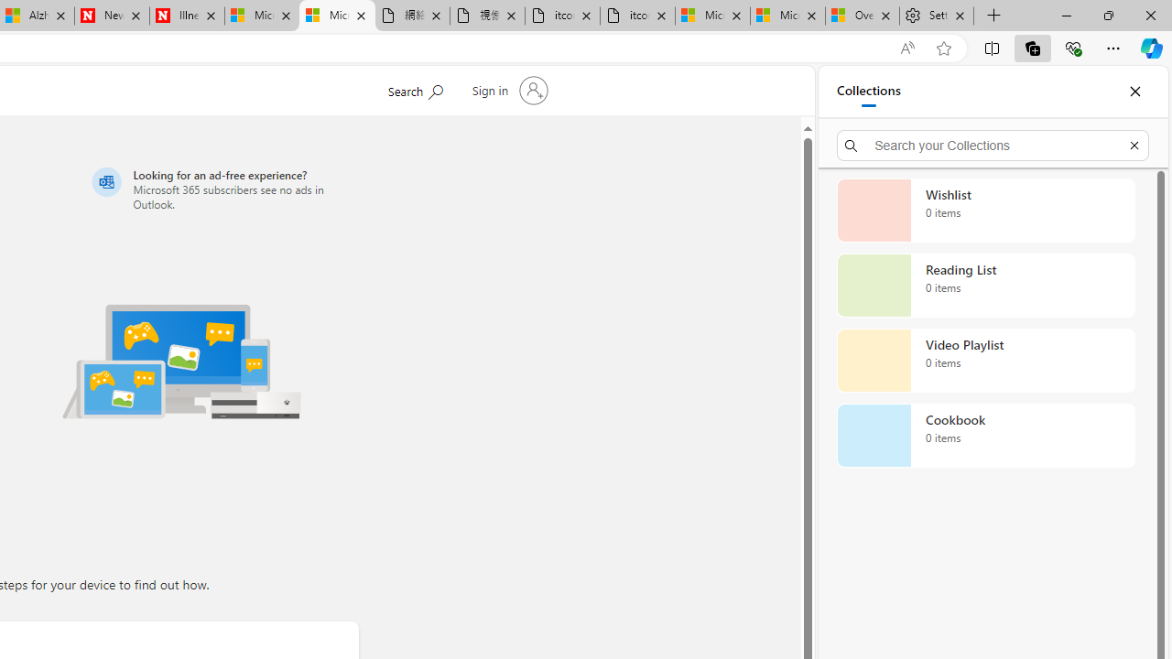 The image size is (1172, 659). What do you see at coordinates (1134, 145) in the screenshot?
I see `'Exit search'` at bounding box center [1134, 145].